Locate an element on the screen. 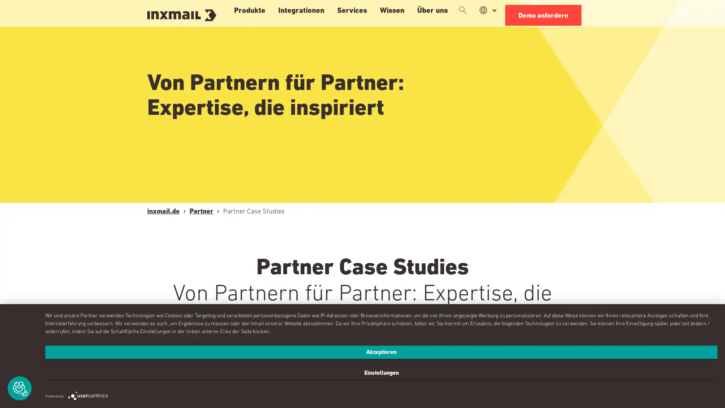 The image size is (725, 408). Akzeptieren is located at coordinates (280, 380).